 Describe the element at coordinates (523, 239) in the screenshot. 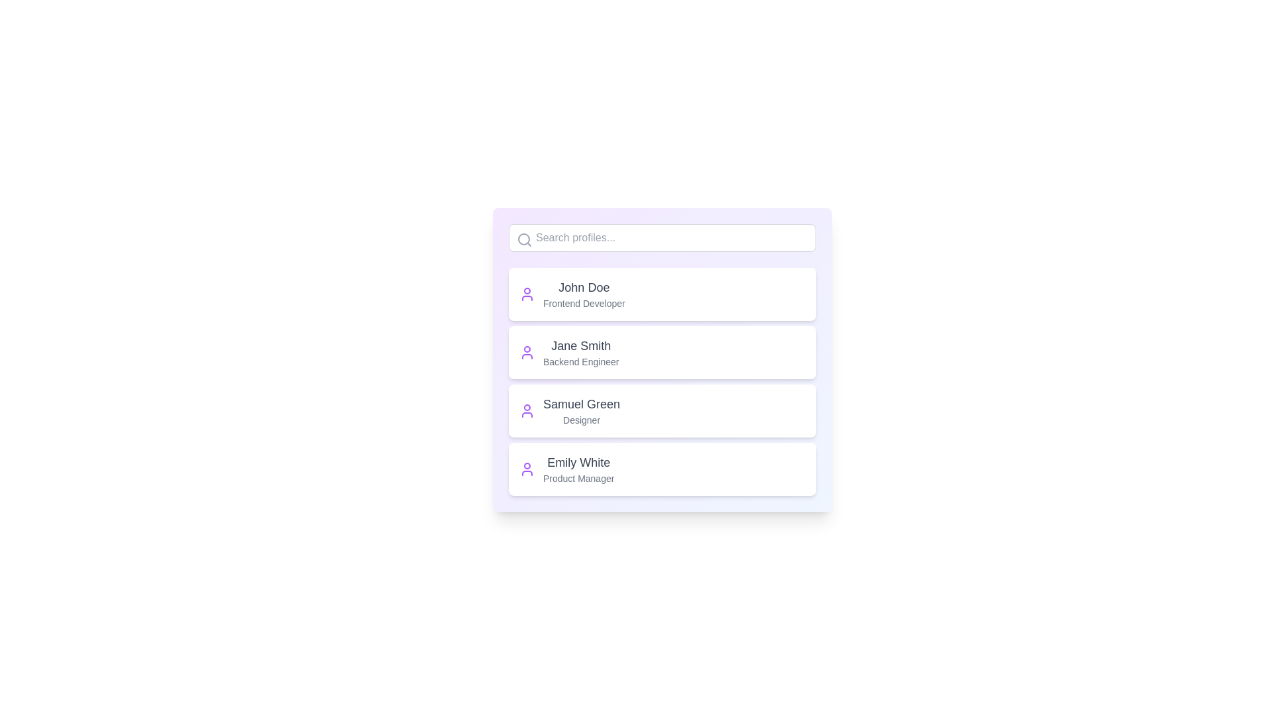

I see `the circular SVG shape representing the magnifying glass's lens located in the top left corner of the search bar` at that location.